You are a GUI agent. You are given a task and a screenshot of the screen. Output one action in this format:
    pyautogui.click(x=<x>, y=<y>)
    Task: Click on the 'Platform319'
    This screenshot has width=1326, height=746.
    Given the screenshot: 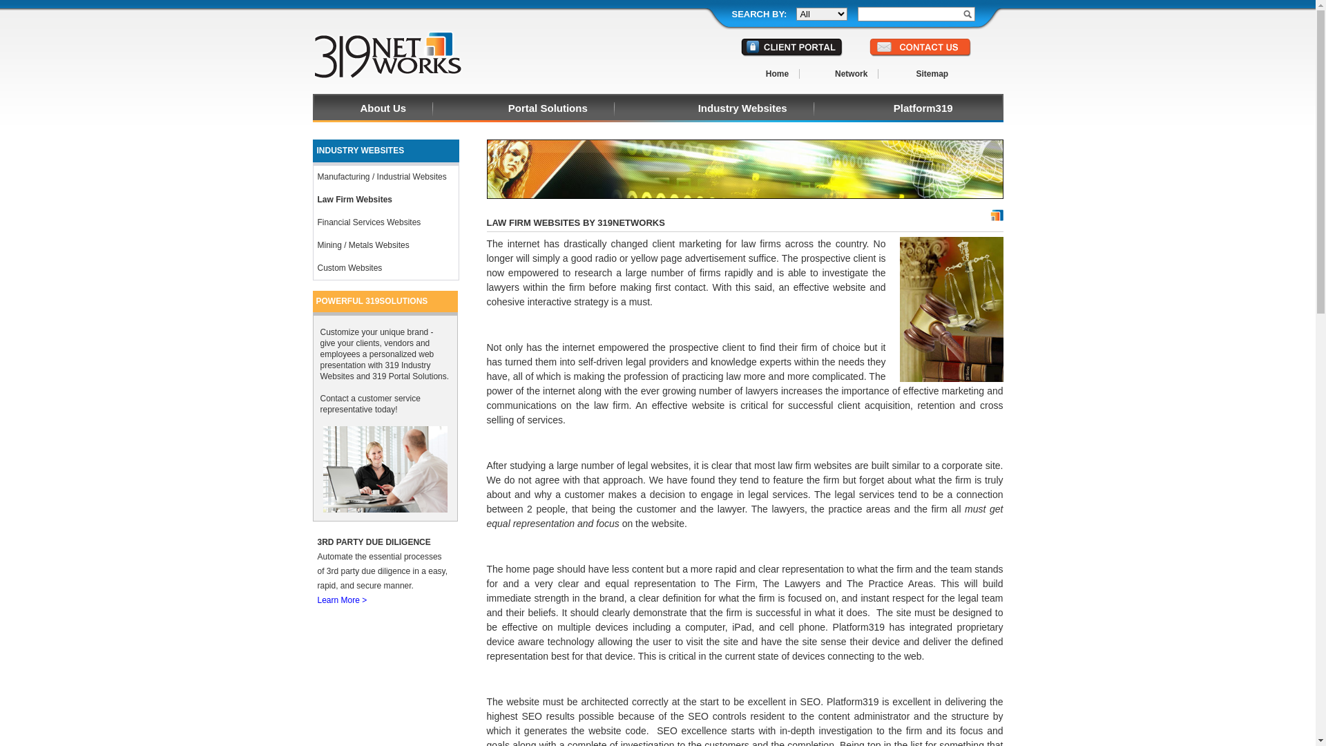 What is the action you would take?
    pyautogui.click(x=923, y=111)
    